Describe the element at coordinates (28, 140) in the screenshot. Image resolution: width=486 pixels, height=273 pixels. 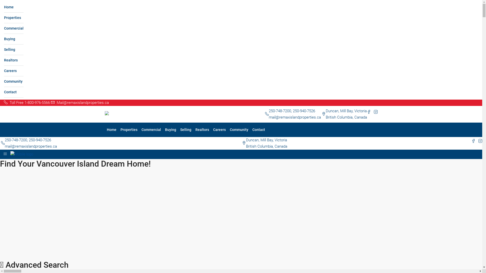
I see `'250-748-7200, 250-940-7526'` at that location.